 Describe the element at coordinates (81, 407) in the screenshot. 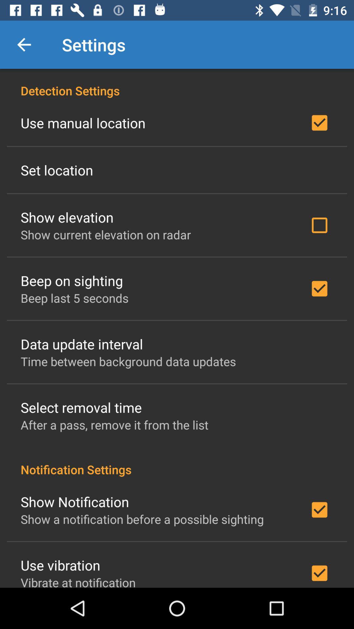

I see `the select removal time item` at that location.